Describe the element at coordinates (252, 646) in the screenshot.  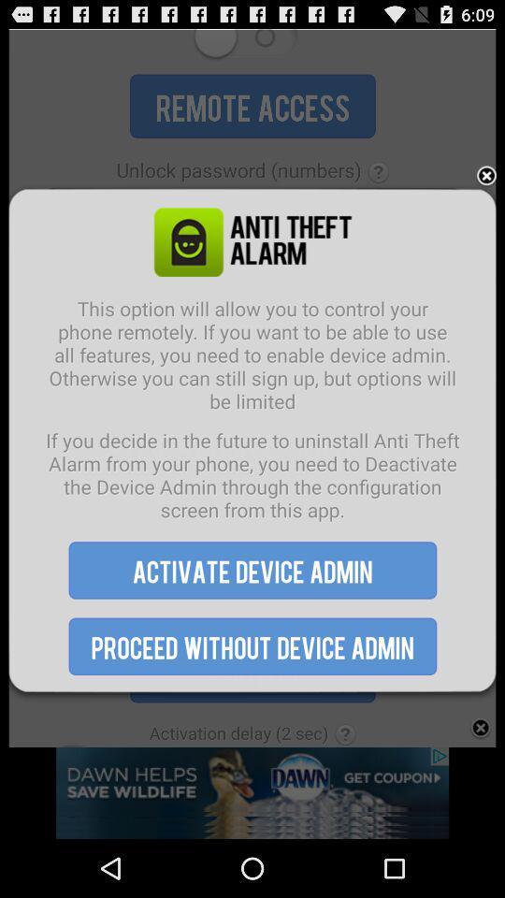
I see `proceed without device` at that location.